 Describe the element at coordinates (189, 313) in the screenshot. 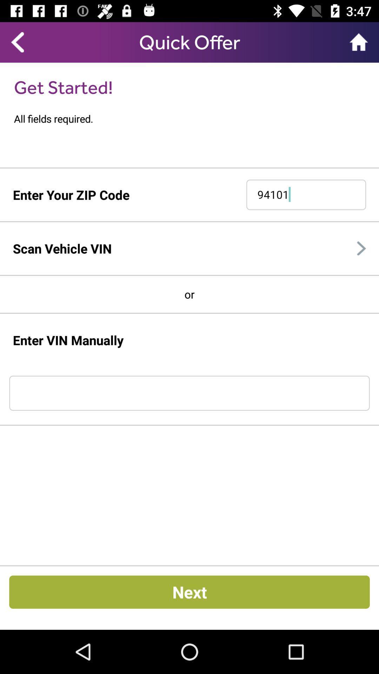

I see `item above enter vin manually item` at that location.